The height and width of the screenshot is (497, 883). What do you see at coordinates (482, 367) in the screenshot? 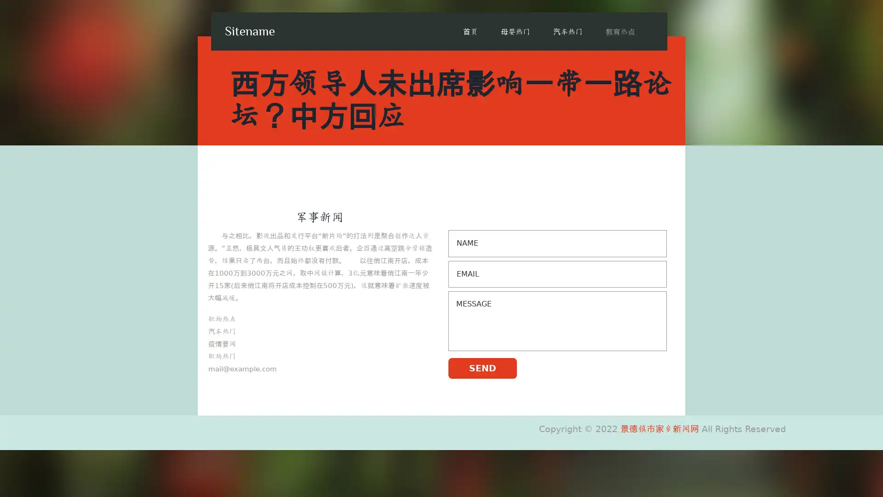
I see `SEND` at bounding box center [482, 367].